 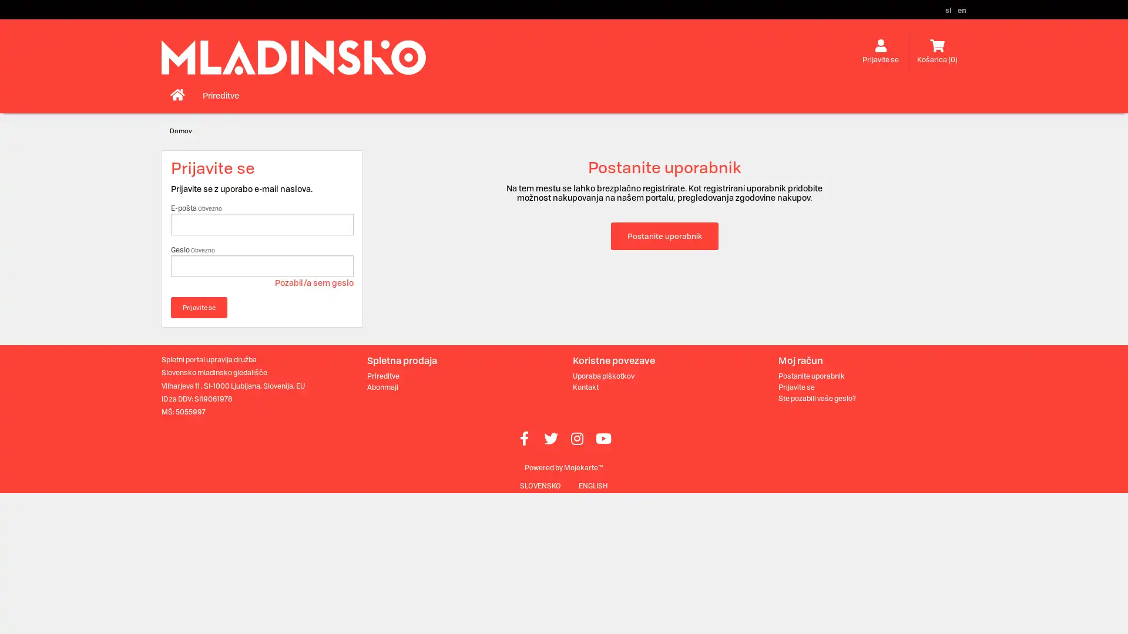 I want to click on Prijavite se, so click(x=199, y=307).